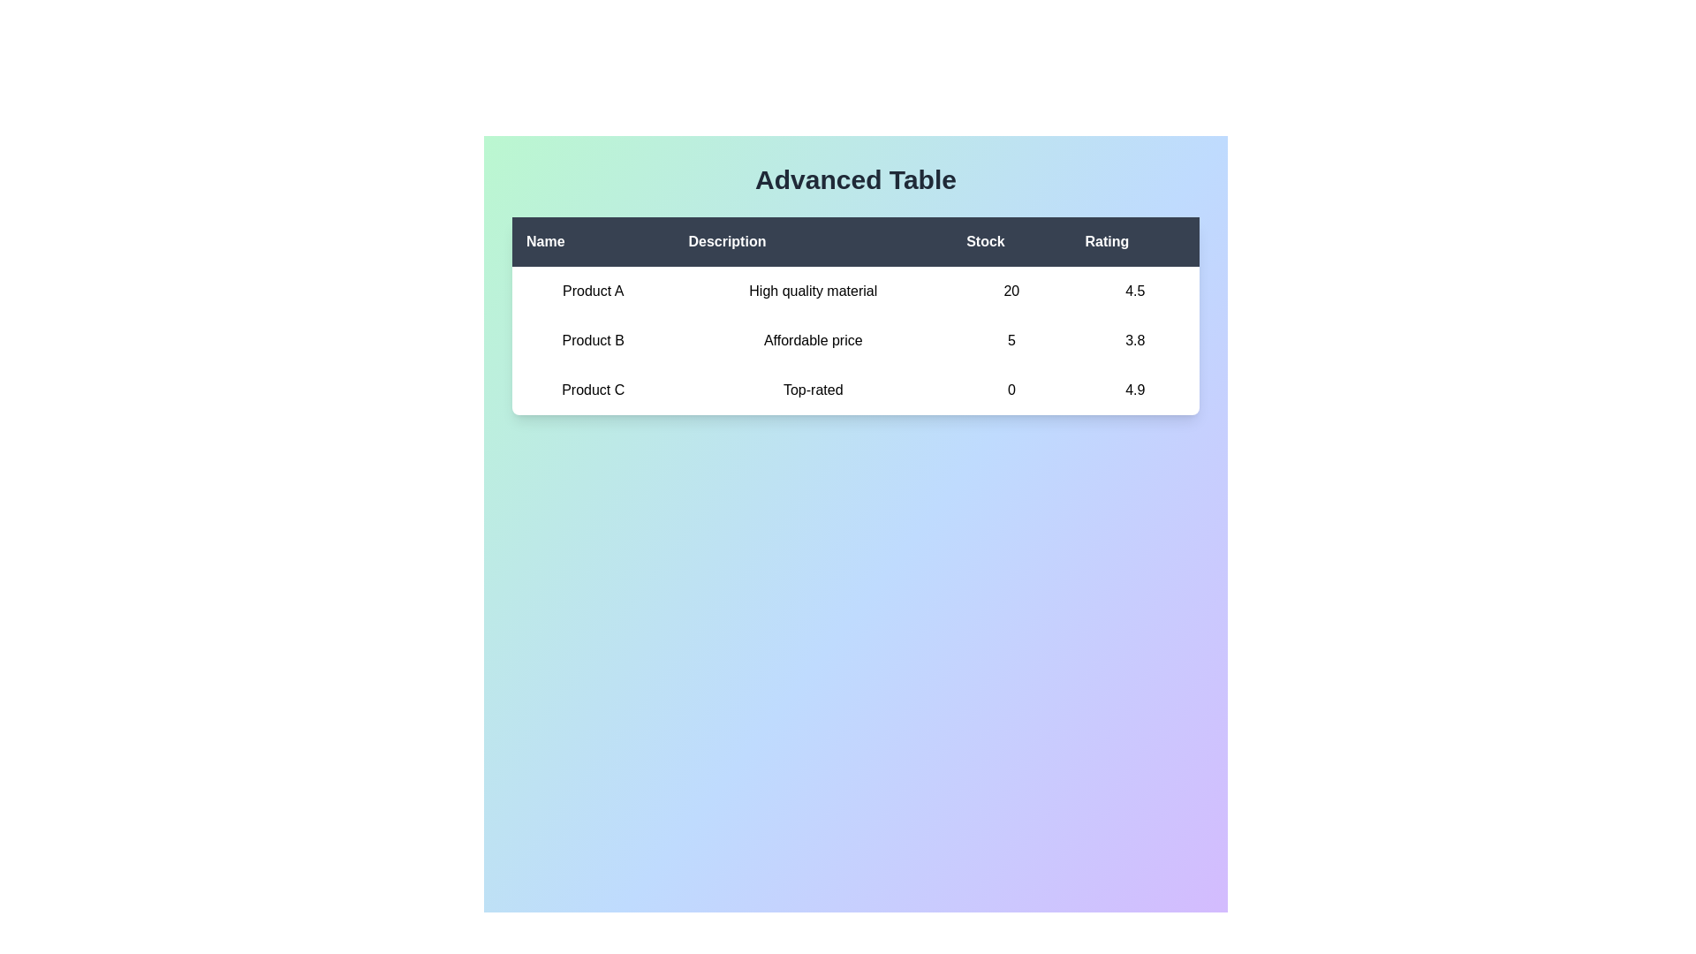  I want to click on the numerical text label displaying the value '4.9' under the 'Rating' column for 'Product C' to trigger potential UI interactions, so click(1135, 390).